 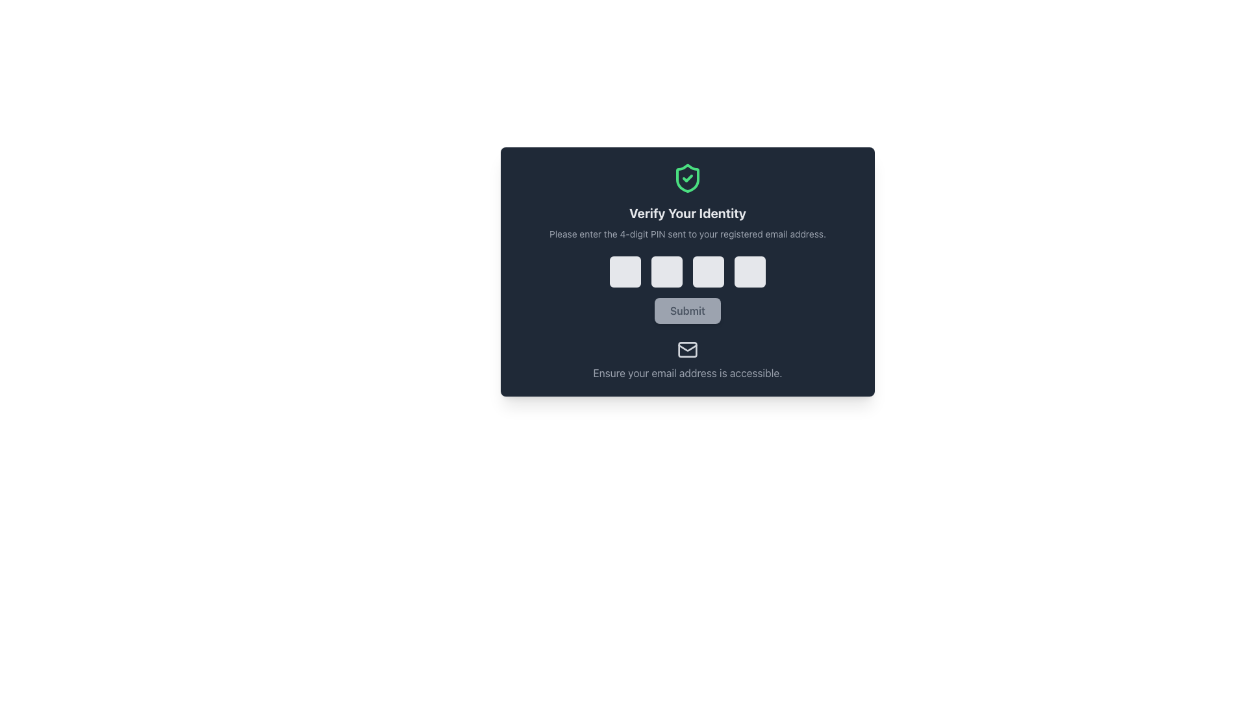 What do you see at coordinates (687, 373) in the screenshot?
I see `the text label that reads 'Ensure your email address is accessible.' which is styled in a small, gray font and positioned below the mail icon` at bounding box center [687, 373].